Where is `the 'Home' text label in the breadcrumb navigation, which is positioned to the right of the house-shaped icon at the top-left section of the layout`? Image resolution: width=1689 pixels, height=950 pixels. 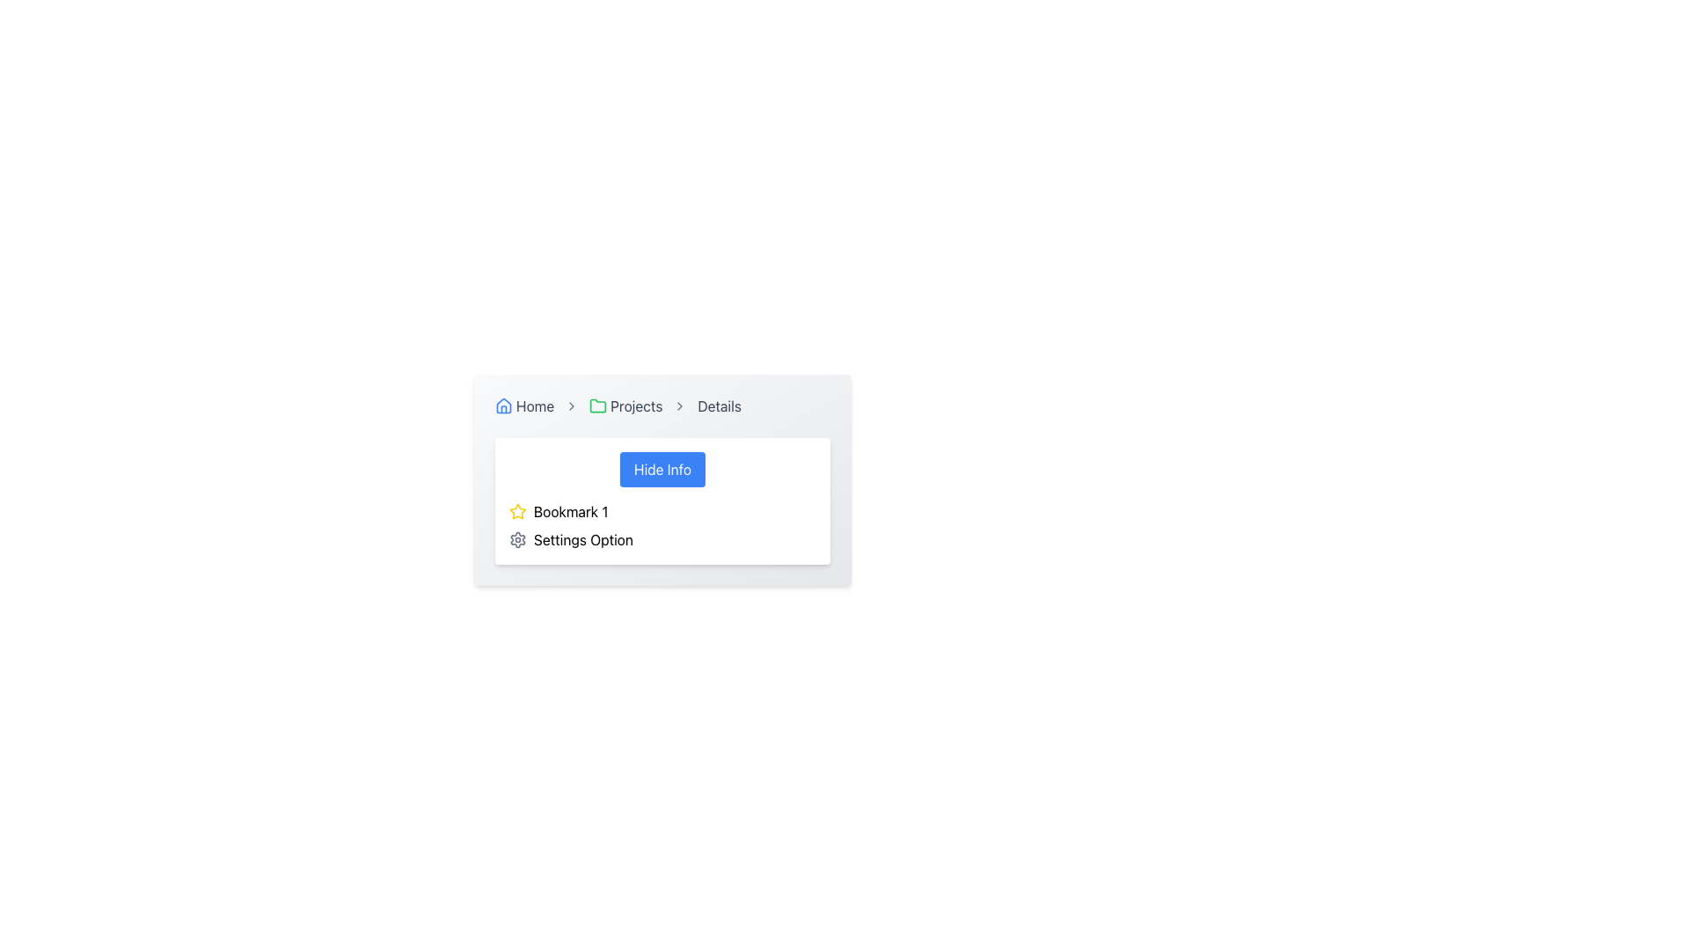 the 'Home' text label in the breadcrumb navigation, which is positioned to the right of the house-shaped icon at the top-left section of the layout is located at coordinates (534, 406).